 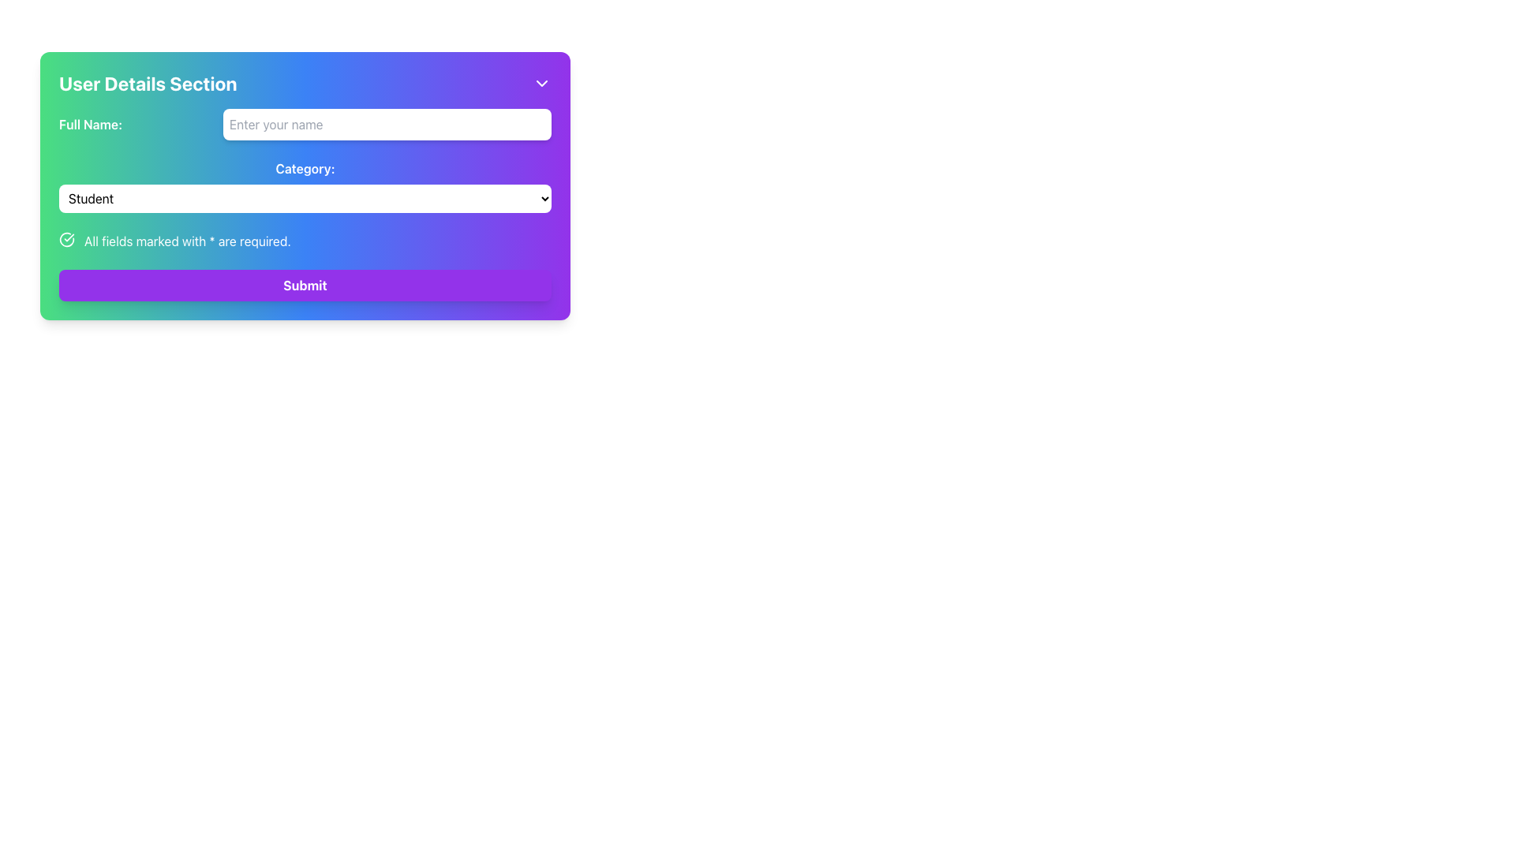 What do you see at coordinates (305, 185) in the screenshot?
I see `the dropdown menu labeled 'Category:' to activate it` at bounding box center [305, 185].